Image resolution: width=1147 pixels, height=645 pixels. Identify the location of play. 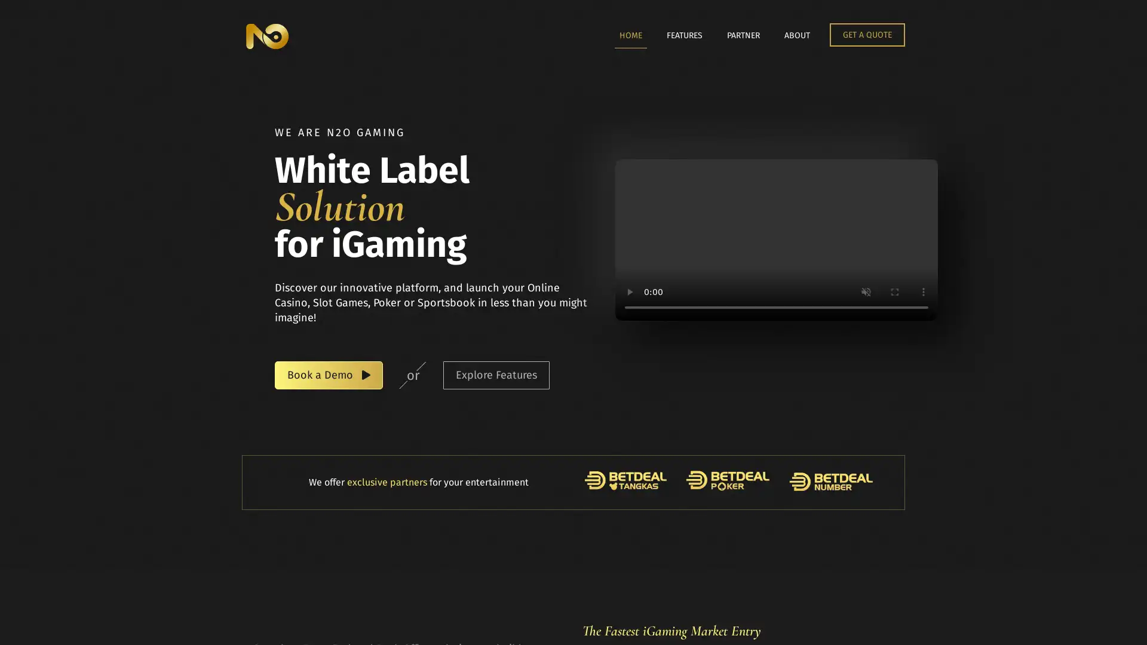
(629, 292).